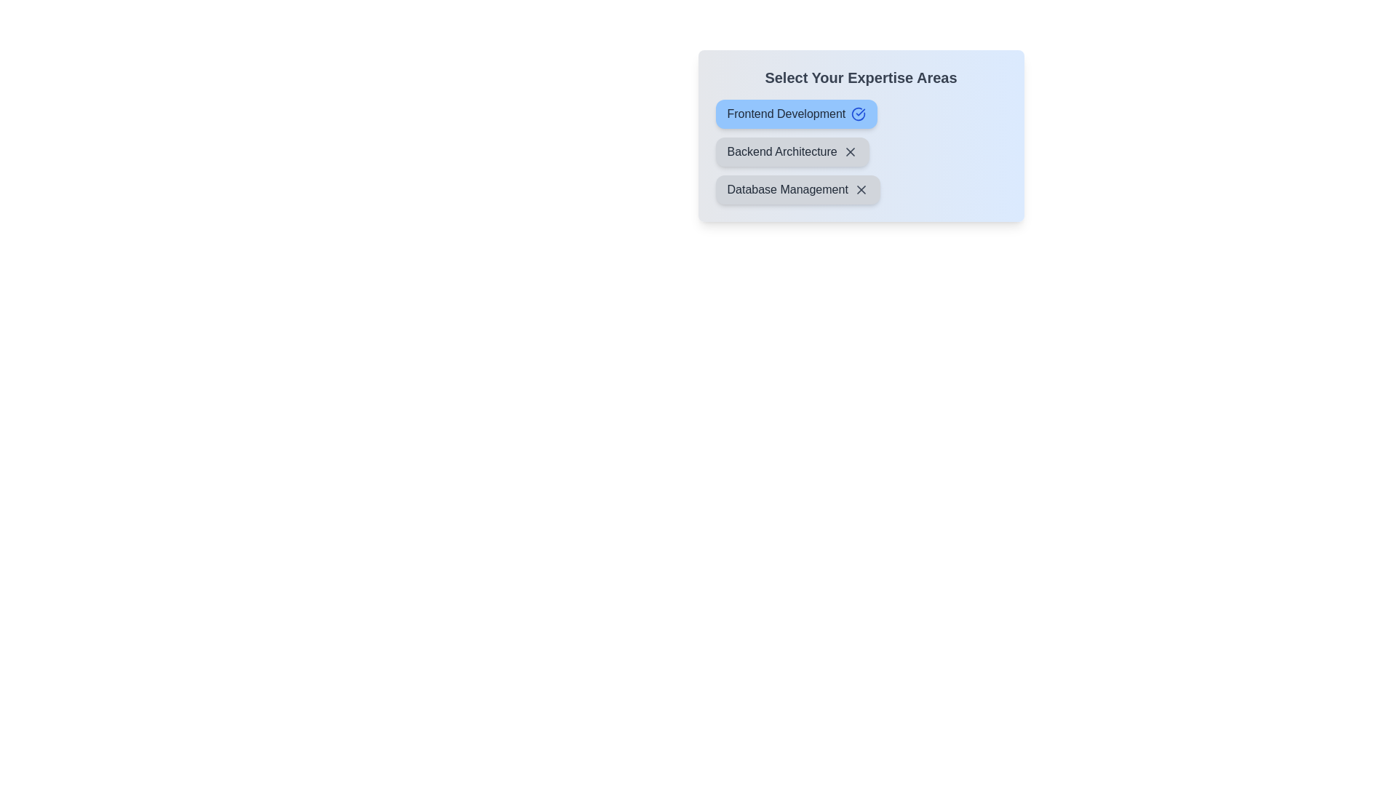 The height and width of the screenshot is (786, 1397). I want to click on the icon of the tag labeled Backend Architecture to toggle its state, so click(850, 151).